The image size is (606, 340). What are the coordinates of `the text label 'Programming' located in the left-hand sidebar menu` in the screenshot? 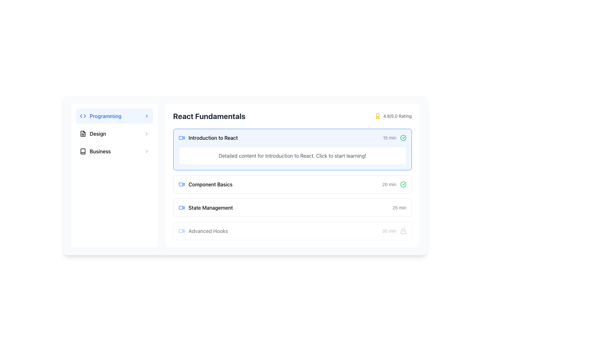 It's located at (105, 116).